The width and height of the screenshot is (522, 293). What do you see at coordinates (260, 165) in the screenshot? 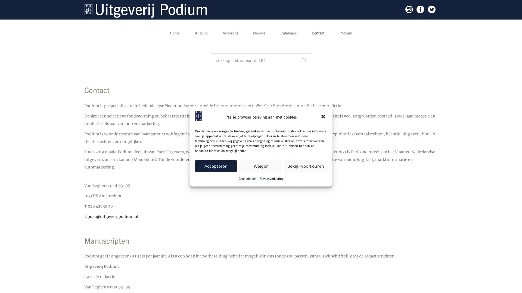
I see `Weiger` at bounding box center [260, 165].